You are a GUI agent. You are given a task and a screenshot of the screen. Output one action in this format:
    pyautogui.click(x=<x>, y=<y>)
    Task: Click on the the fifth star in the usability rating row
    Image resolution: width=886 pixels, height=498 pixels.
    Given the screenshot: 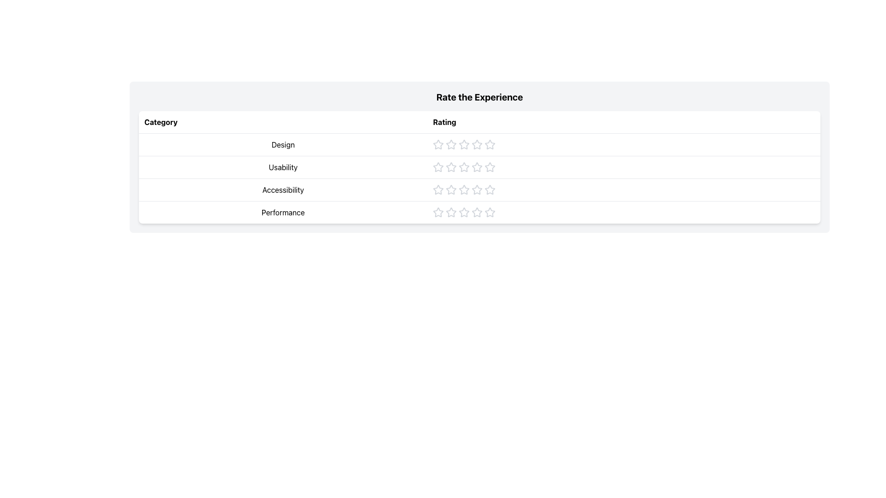 What is the action you would take?
    pyautogui.click(x=490, y=167)
    